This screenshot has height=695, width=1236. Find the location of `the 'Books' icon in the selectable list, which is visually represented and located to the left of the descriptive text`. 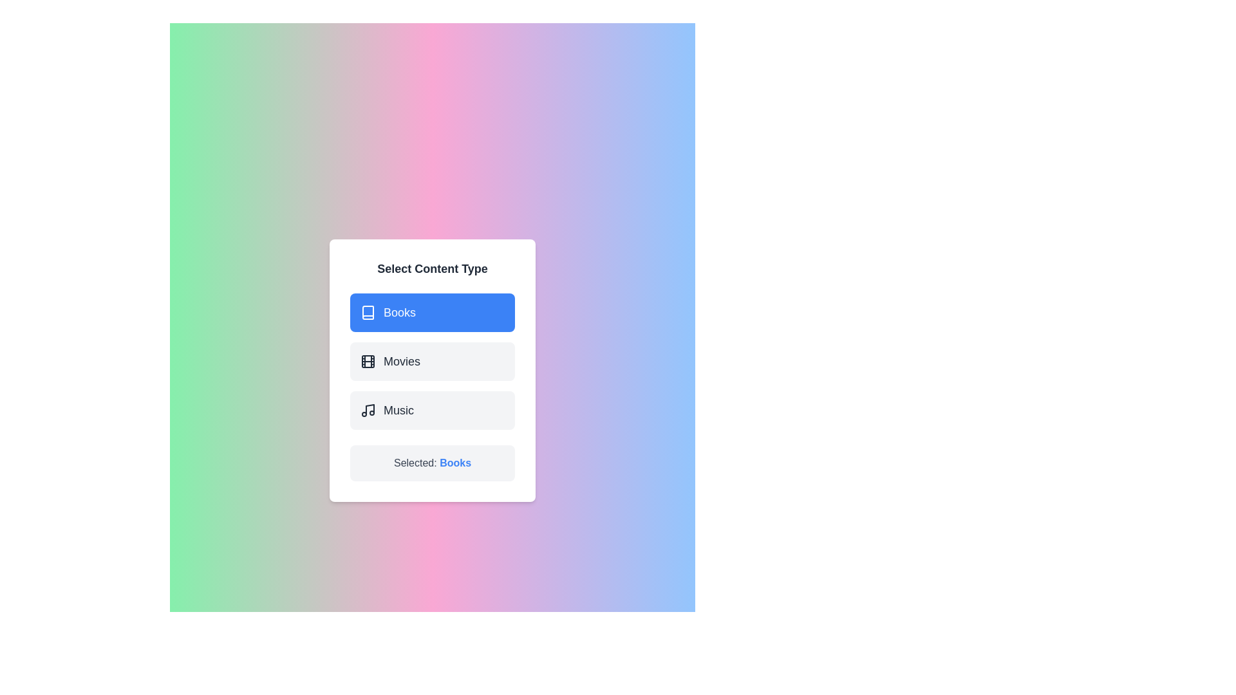

the 'Books' icon in the selectable list, which is visually represented and located to the left of the descriptive text is located at coordinates (367, 313).